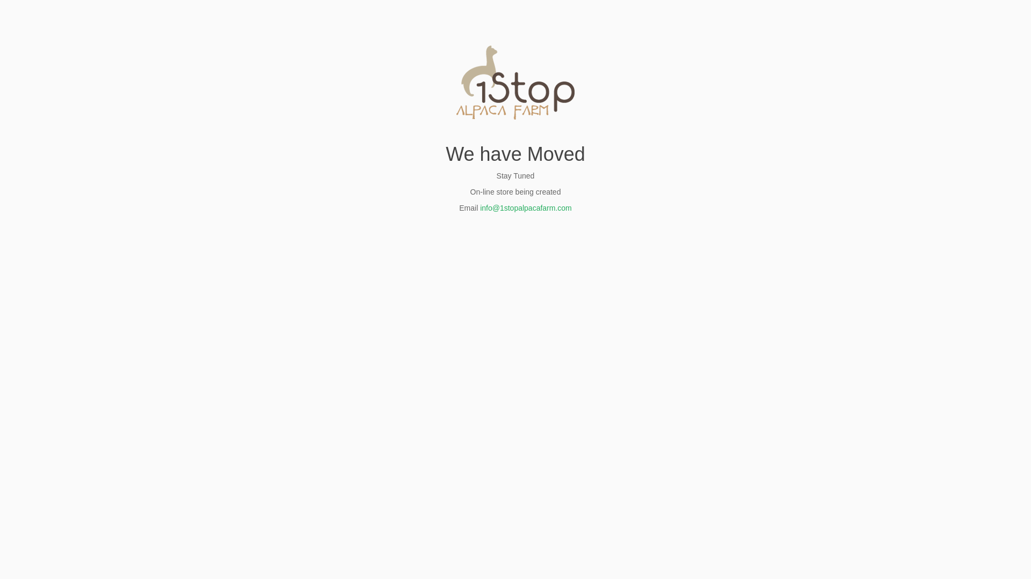  What do you see at coordinates (479, 208) in the screenshot?
I see `'info@1stopalpacafarm.com'` at bounding box center [479, 208].